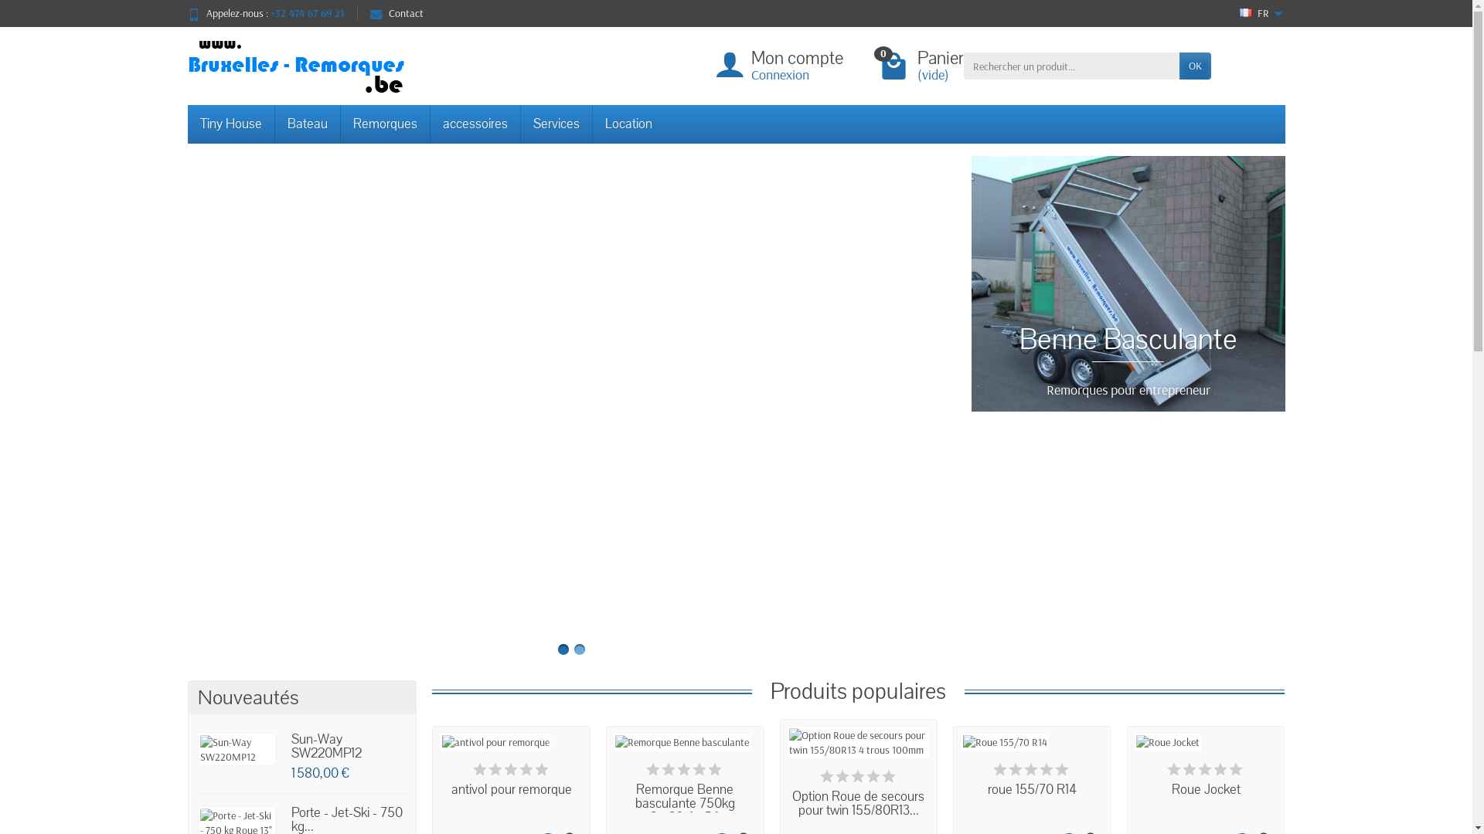 This screenshot has height=834, width=1484. I want to click on 'Sun-Way SW220MP12', so click(325, 745).